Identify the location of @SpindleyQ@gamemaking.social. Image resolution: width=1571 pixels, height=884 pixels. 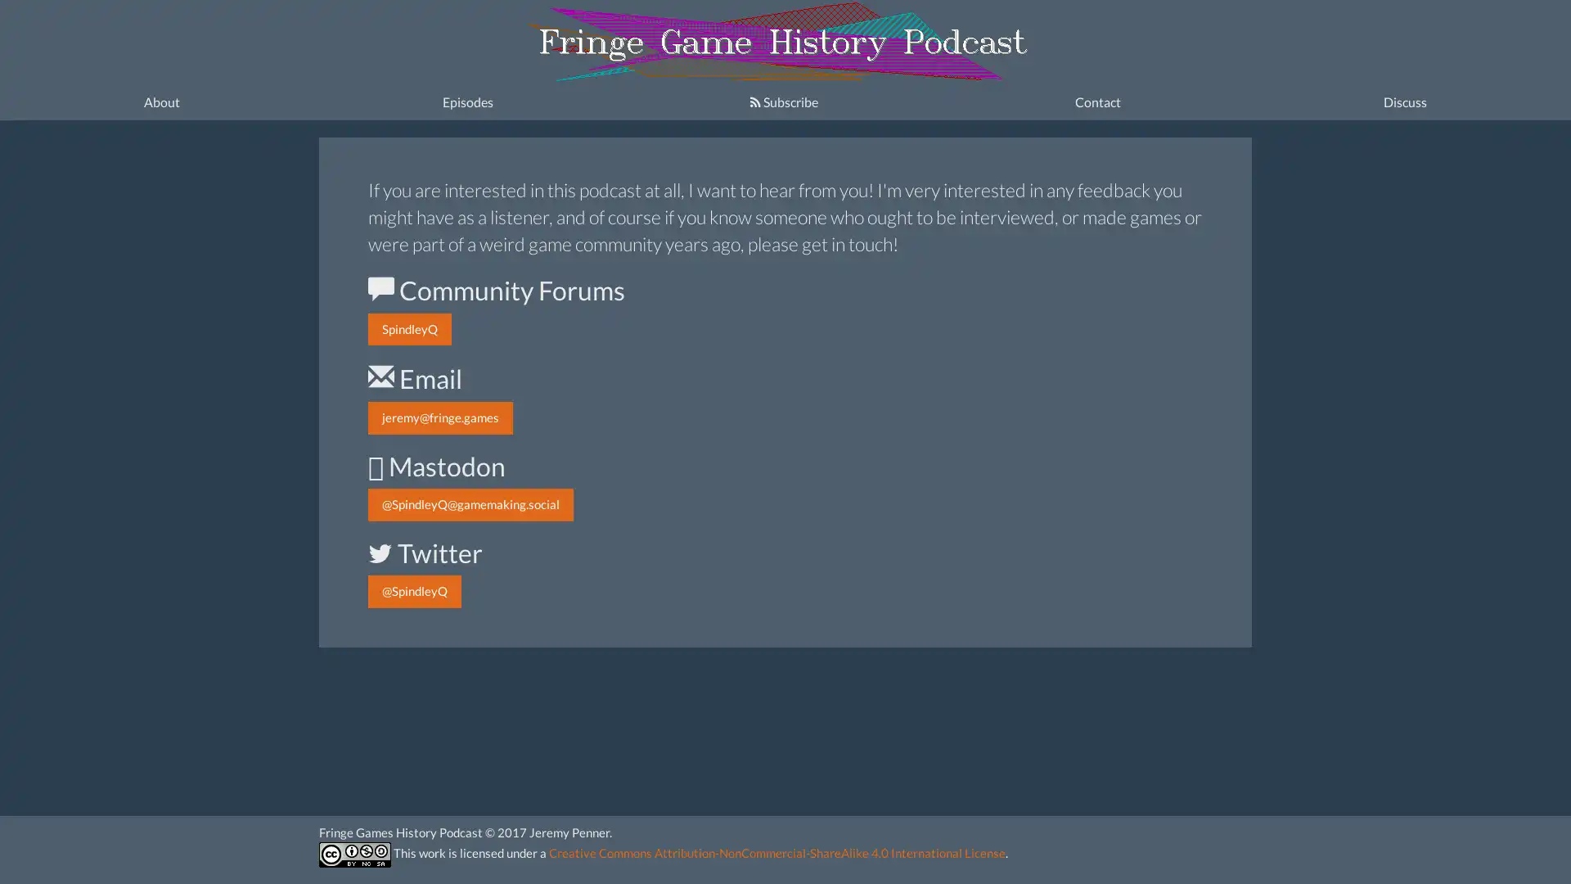
(470, 503).